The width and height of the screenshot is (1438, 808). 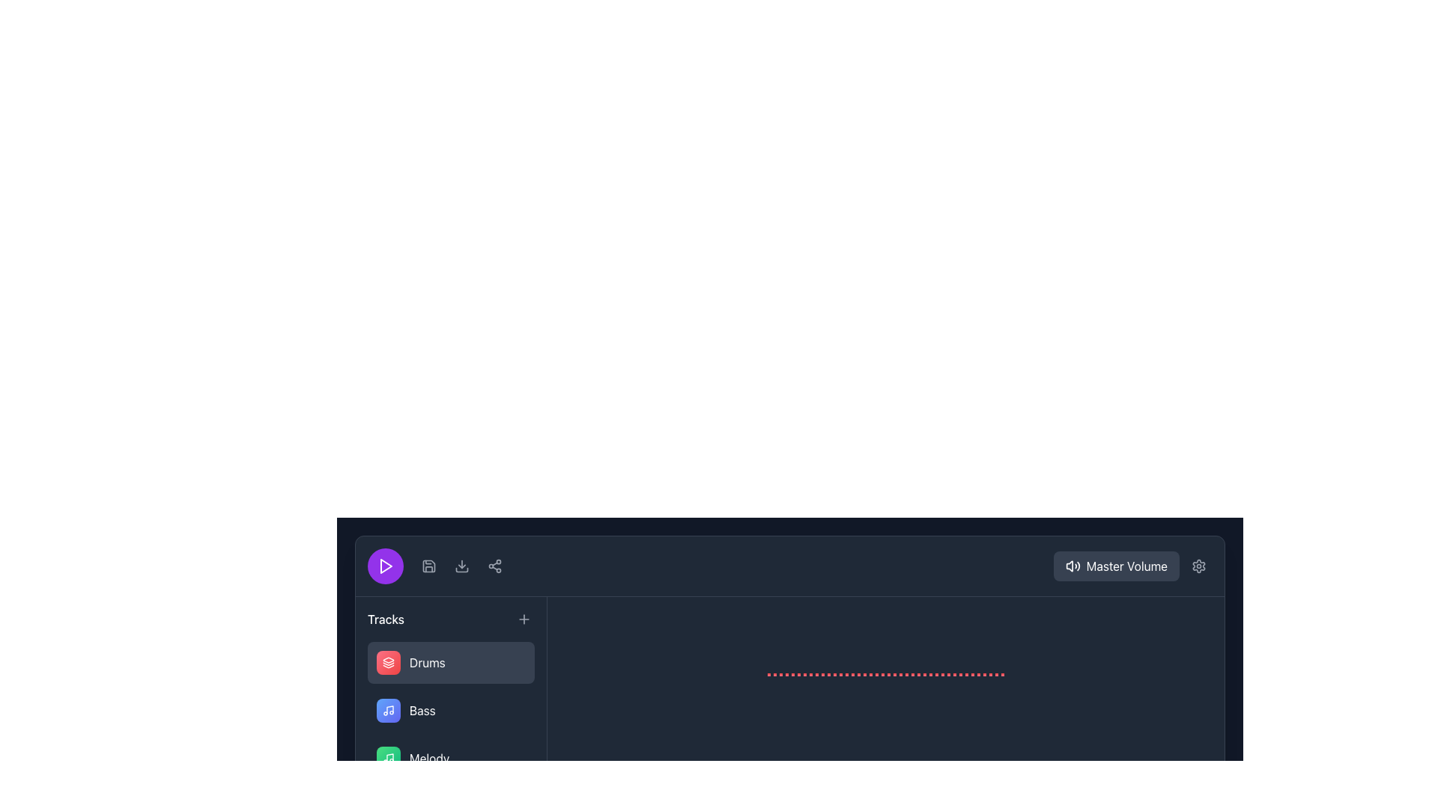 What do you see at coordinates (406, 709) in the screenshot?
I see `the selectable label representing the bass track in the 'Tracks' section of the music app` at bounding box center [406, 709].